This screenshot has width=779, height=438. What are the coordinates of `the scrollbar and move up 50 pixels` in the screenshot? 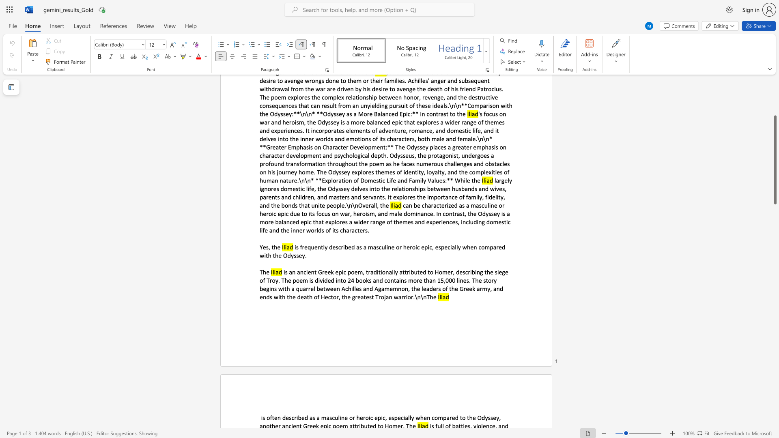 It's located at (775, 160).